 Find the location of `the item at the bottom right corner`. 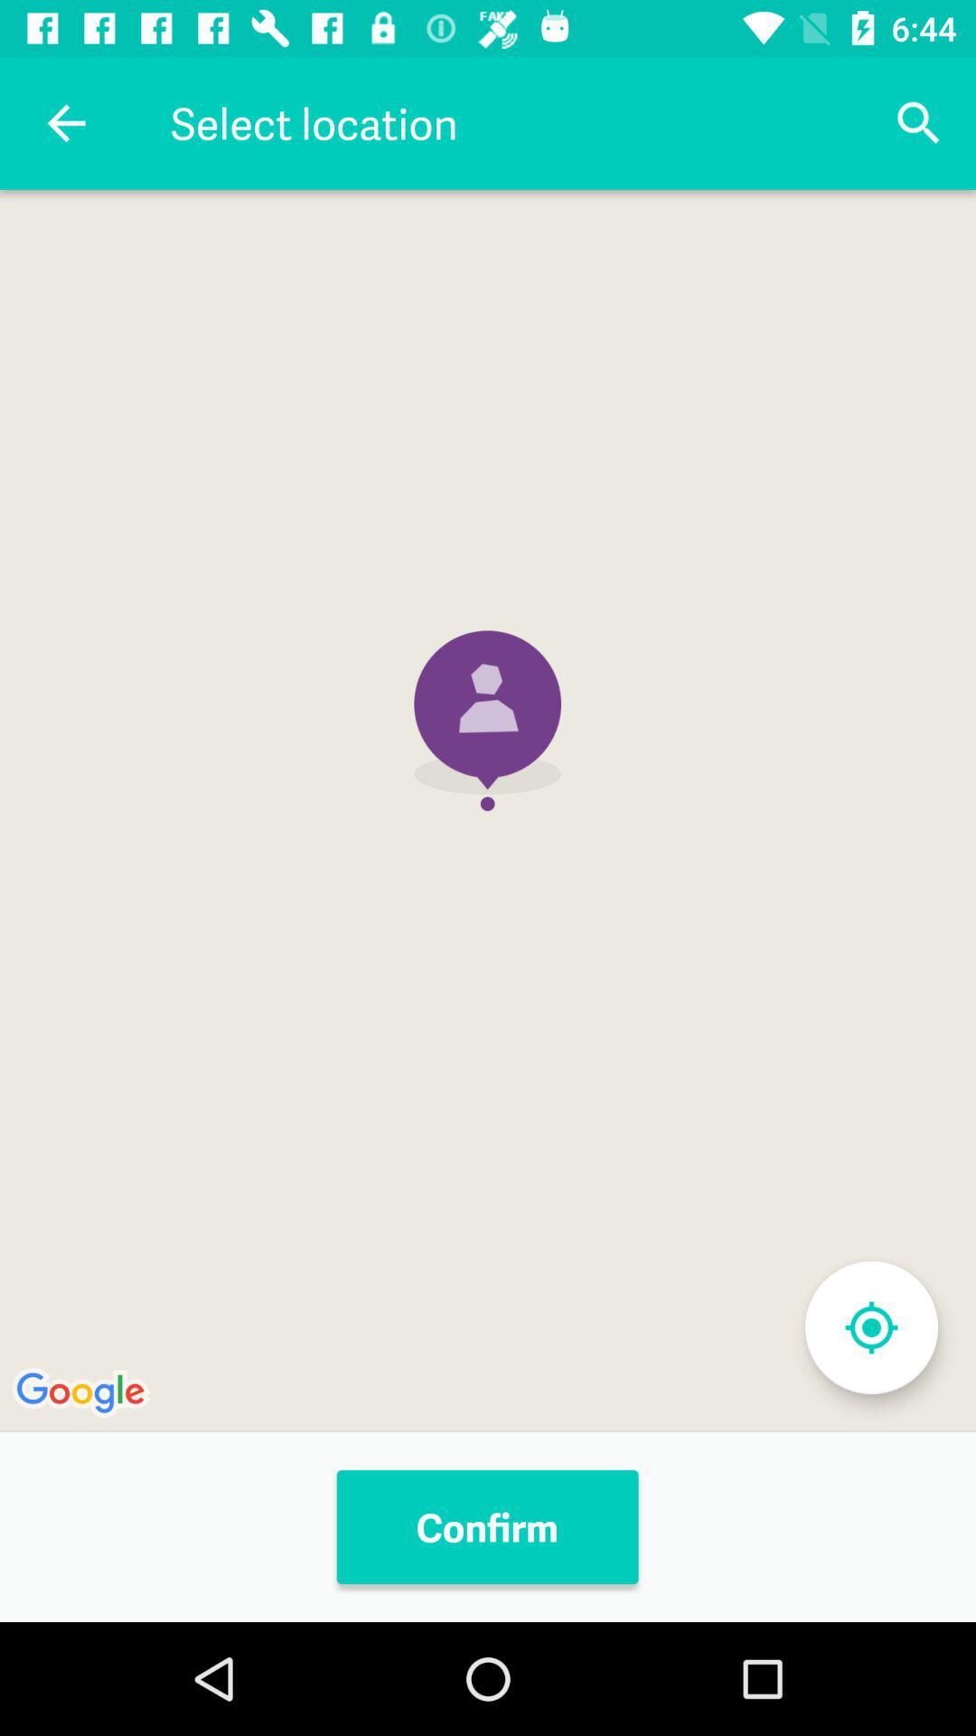

the item at the bottom right corner is located at coordinates (870, 1327).